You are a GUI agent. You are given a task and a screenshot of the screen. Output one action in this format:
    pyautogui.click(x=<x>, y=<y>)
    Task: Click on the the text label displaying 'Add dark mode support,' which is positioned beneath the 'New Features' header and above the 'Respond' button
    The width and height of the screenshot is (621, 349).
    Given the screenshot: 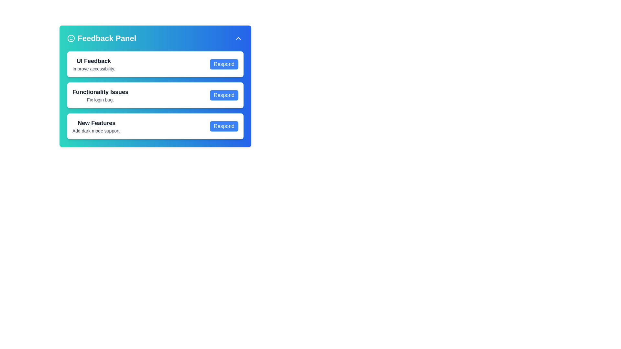 What is the action you would take?
    pyautogui.click(x=96, y=131)
    